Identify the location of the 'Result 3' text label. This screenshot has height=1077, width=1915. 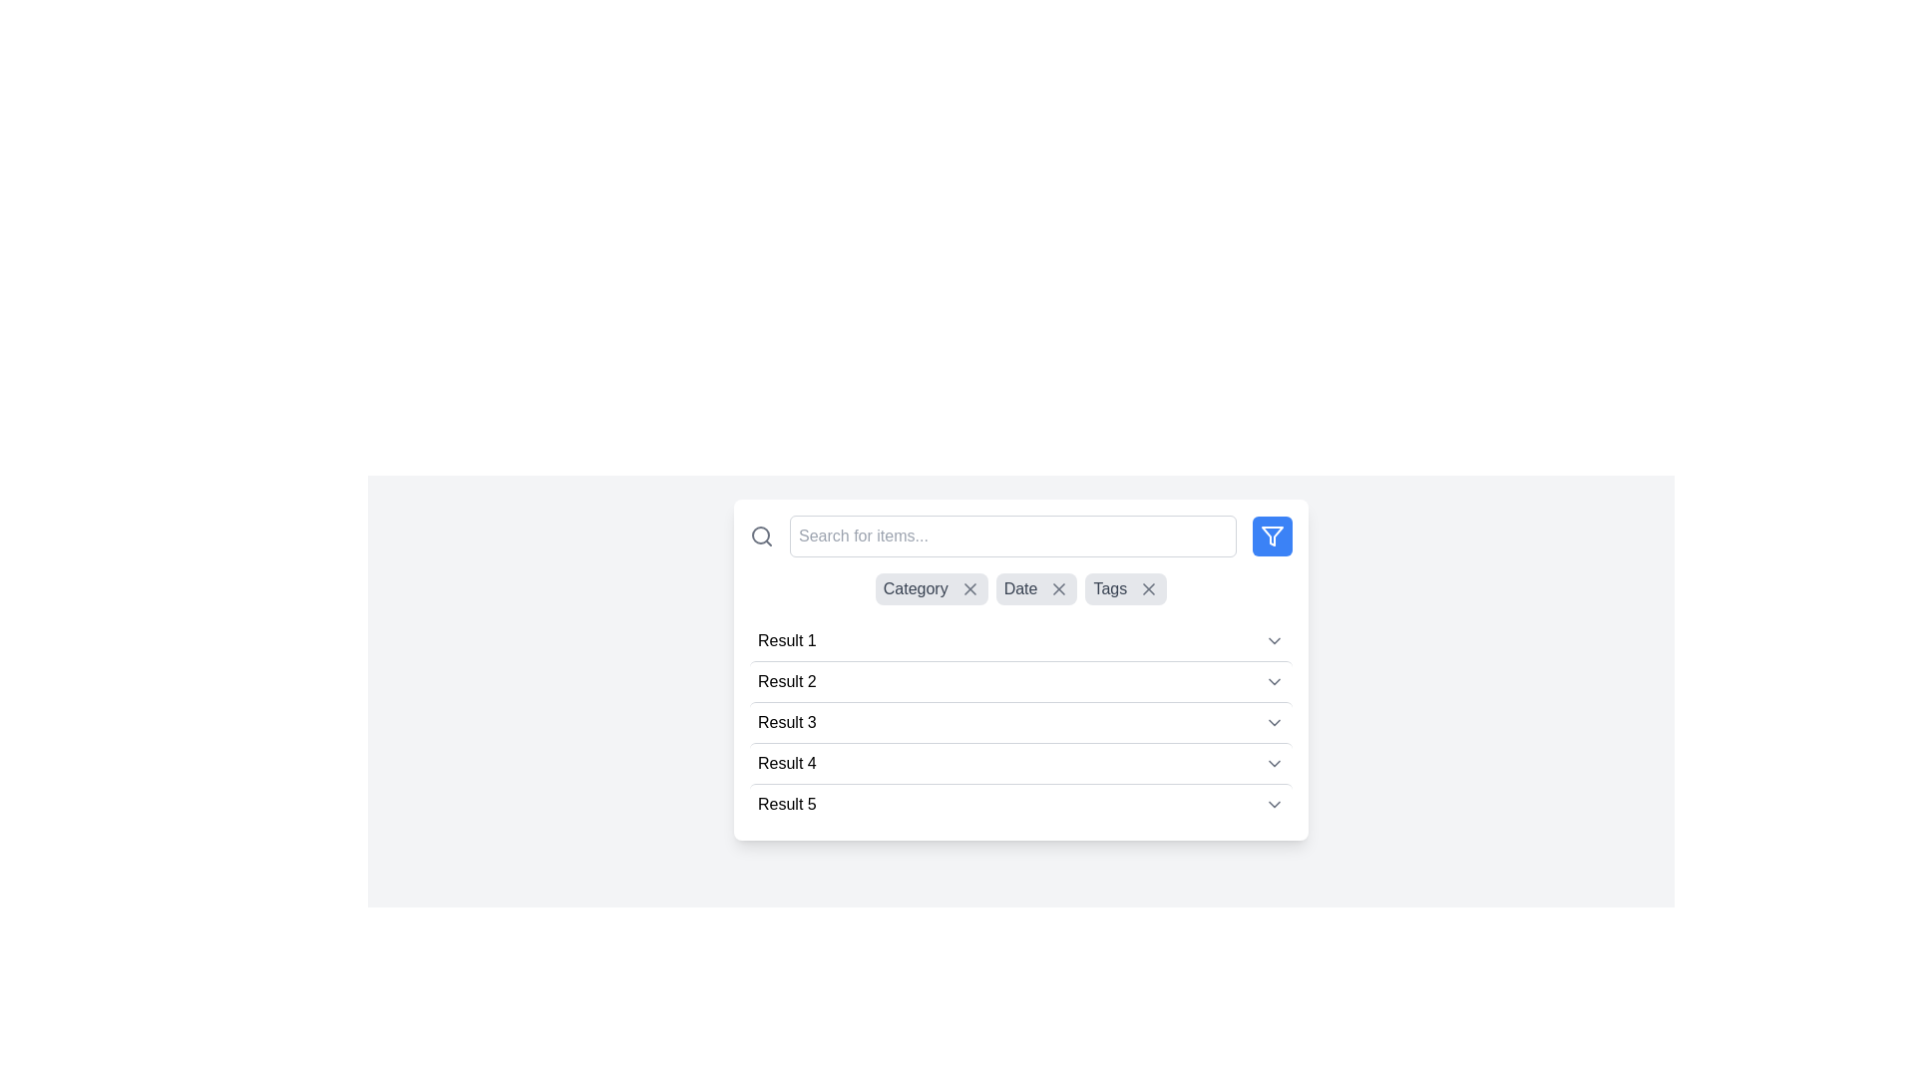
(786, 723).